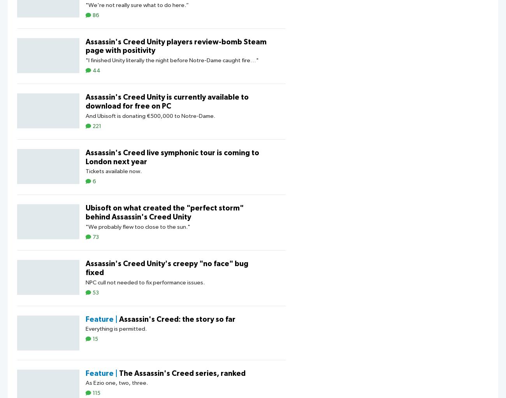  What do you see at coordinates (85, 328) in the screenshot?
I see `'Everything is permitted.'` at bounding box center [85, 328].